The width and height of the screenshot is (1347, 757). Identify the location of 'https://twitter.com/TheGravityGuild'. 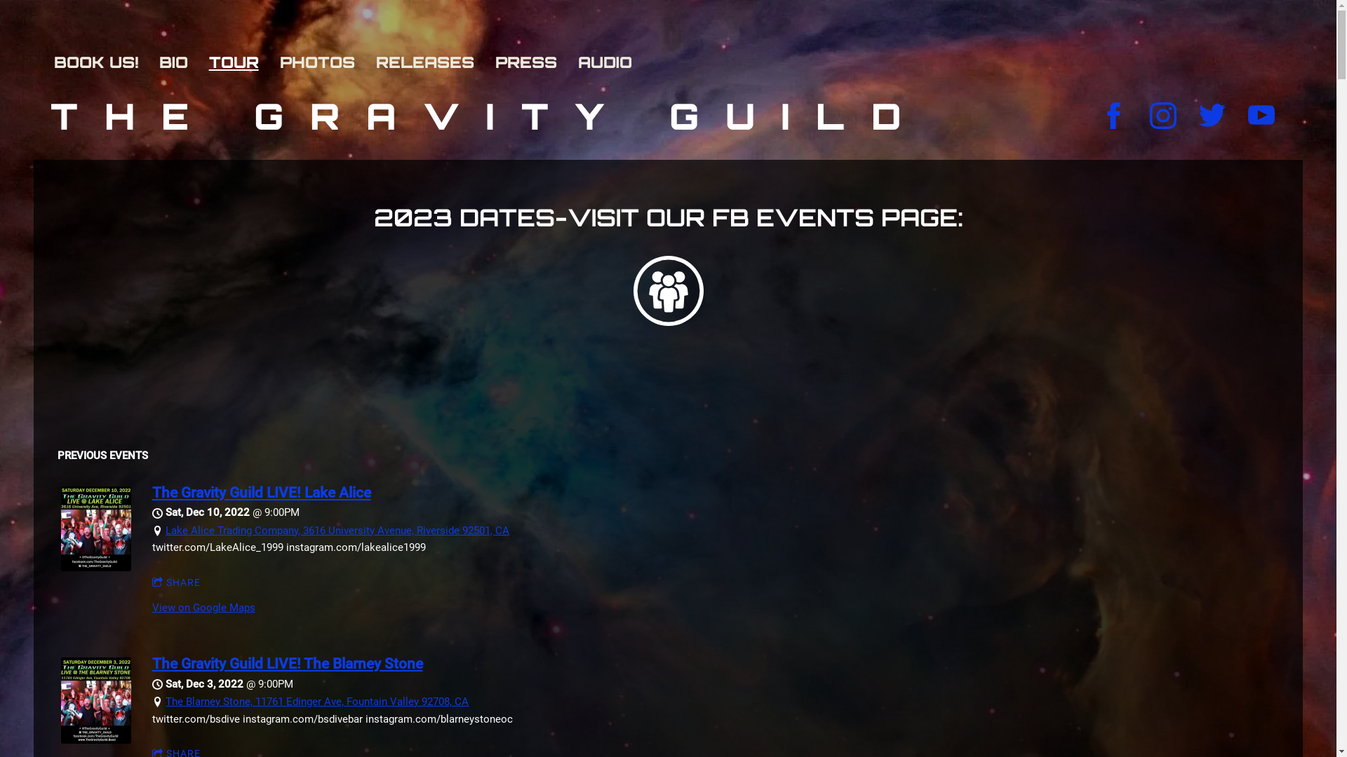
(1212, 115).